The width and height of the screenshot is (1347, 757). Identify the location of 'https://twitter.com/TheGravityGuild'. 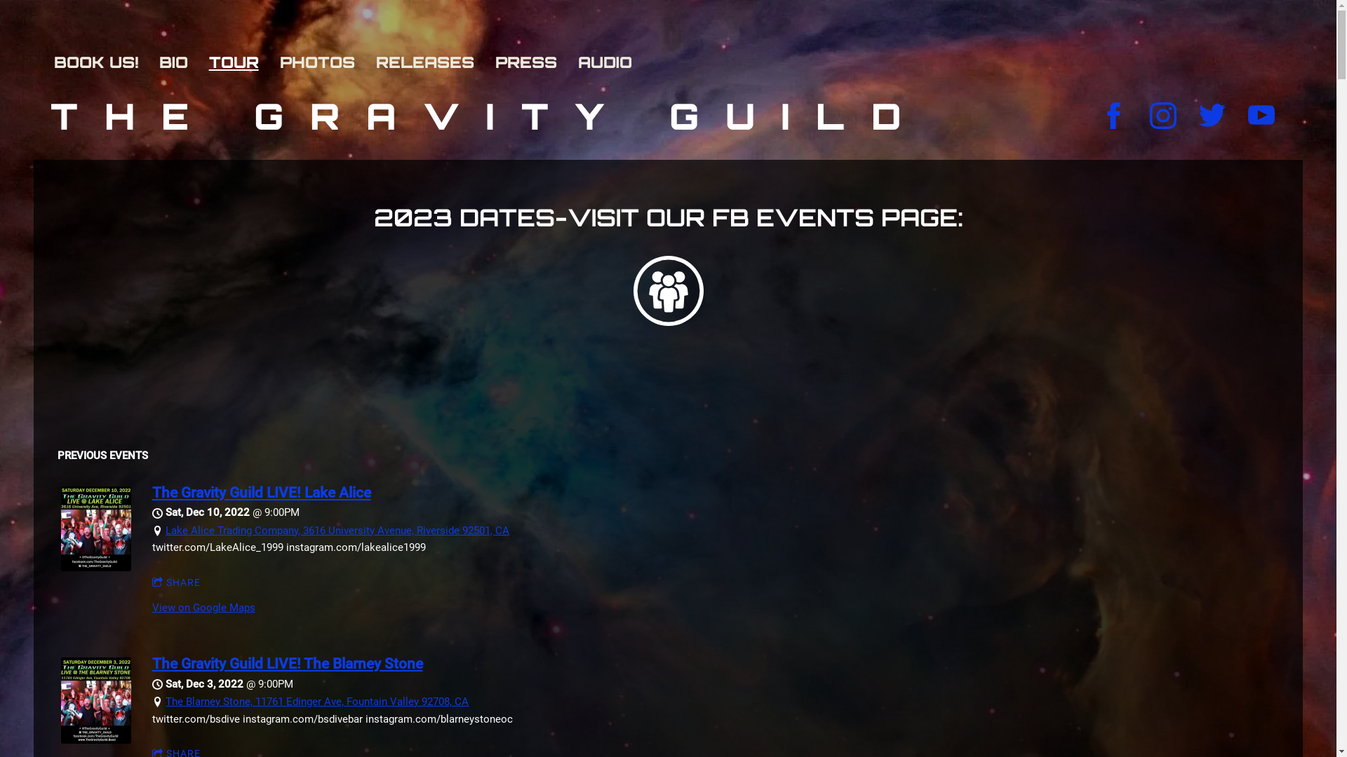
(1212, 115).